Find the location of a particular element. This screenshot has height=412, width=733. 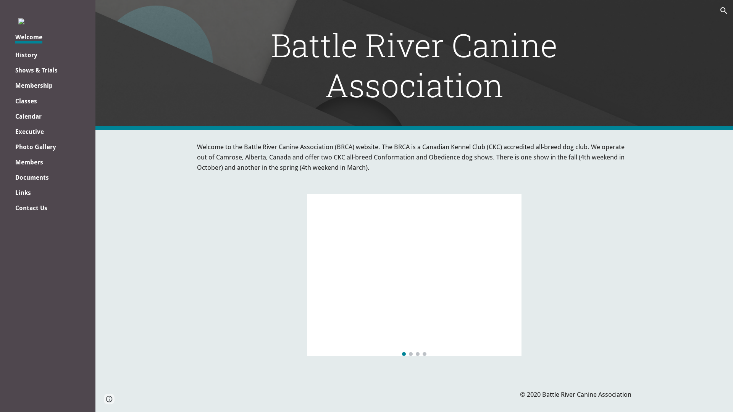

'Calendar' is located at coordinates (28, 116).